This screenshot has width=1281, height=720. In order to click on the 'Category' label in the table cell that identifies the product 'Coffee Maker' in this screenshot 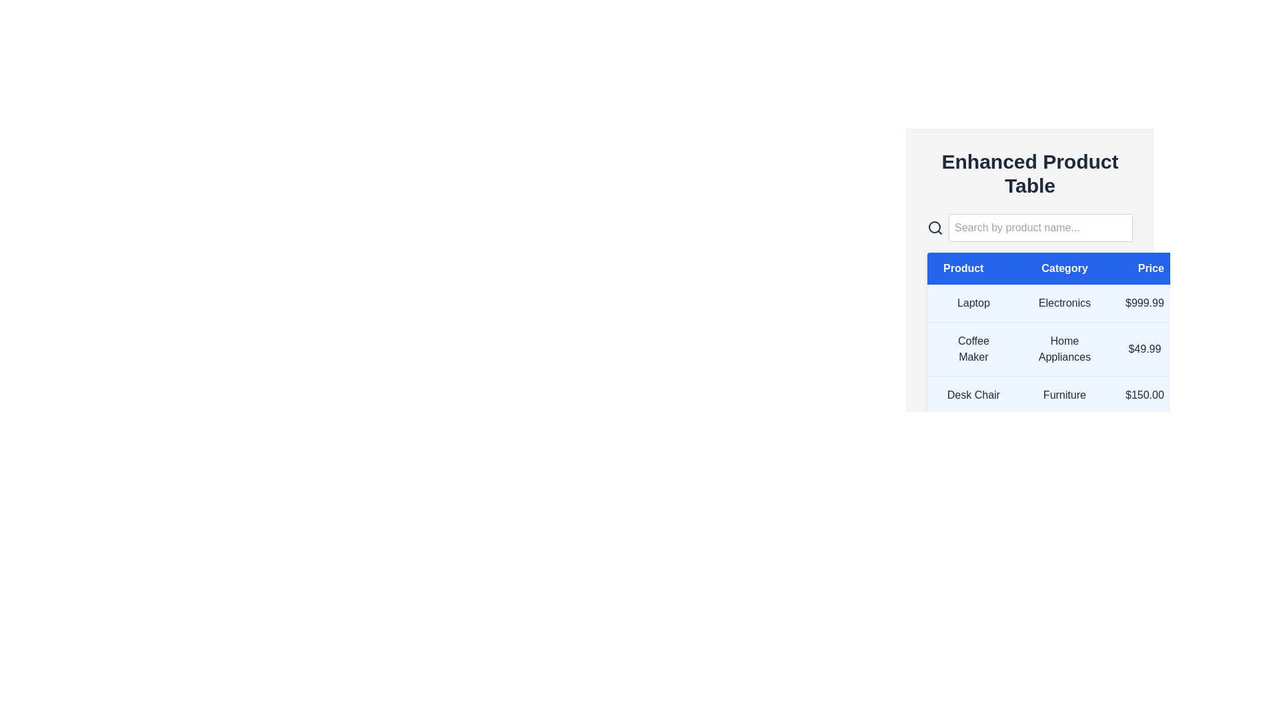, I will do `click(1063, 349)`.